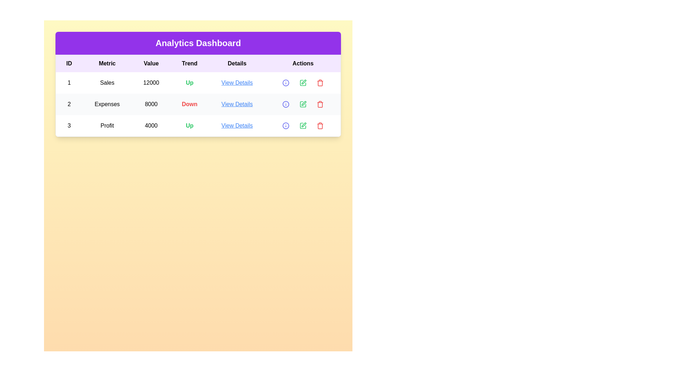  Describe the element at coordinates (69, 104) in the screenshot. I see `the text label displaying the number '2' in the leftmost column of the second row of the table under the 'ID' header` at that location.